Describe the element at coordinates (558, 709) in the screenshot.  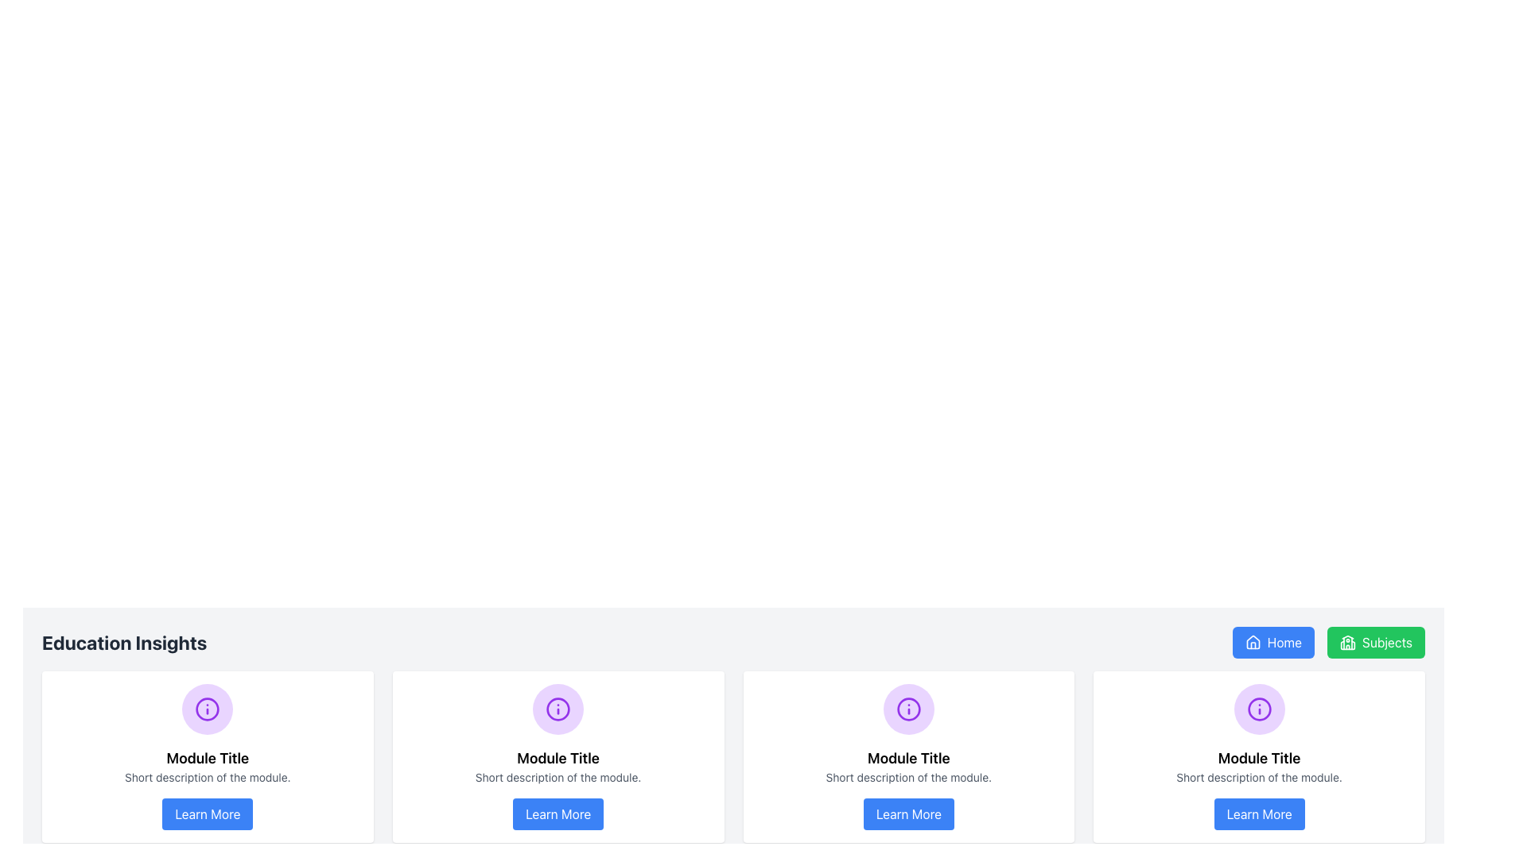
I see `the informational indicator icon located at the center of the first card in the horizontal row of cards at the bottom center of the interface to obtain information` at that location.